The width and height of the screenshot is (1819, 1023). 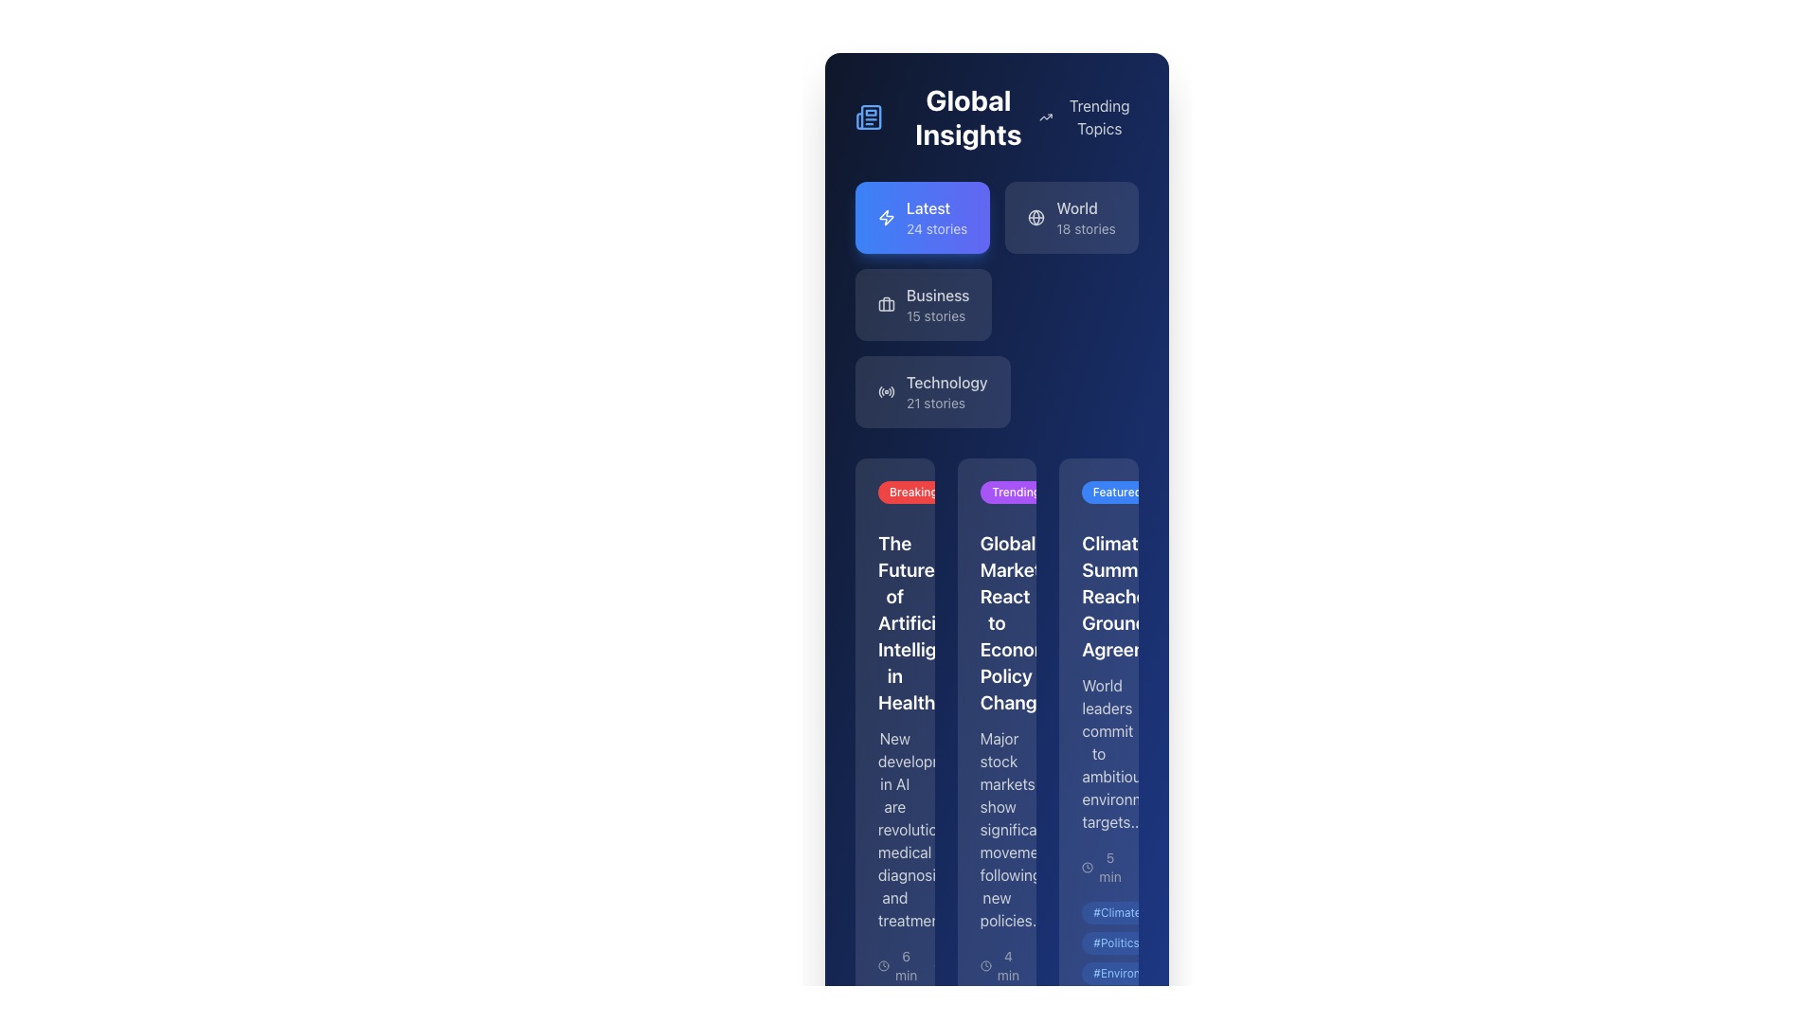 I want to click on text label displaying 'Business', which is a bold text element indicating emphasis within the application's blue color scheme, located between 'Latest' and 'Technology' categories under 'Global Insights', so click(x=938, y=296).